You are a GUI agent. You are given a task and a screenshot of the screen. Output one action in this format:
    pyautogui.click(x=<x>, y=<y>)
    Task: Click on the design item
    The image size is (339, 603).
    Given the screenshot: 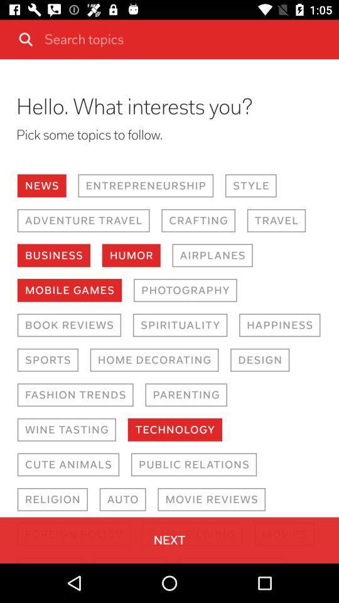 What is the action you would take?
    pyautogui.click(x=259, y=360)
    